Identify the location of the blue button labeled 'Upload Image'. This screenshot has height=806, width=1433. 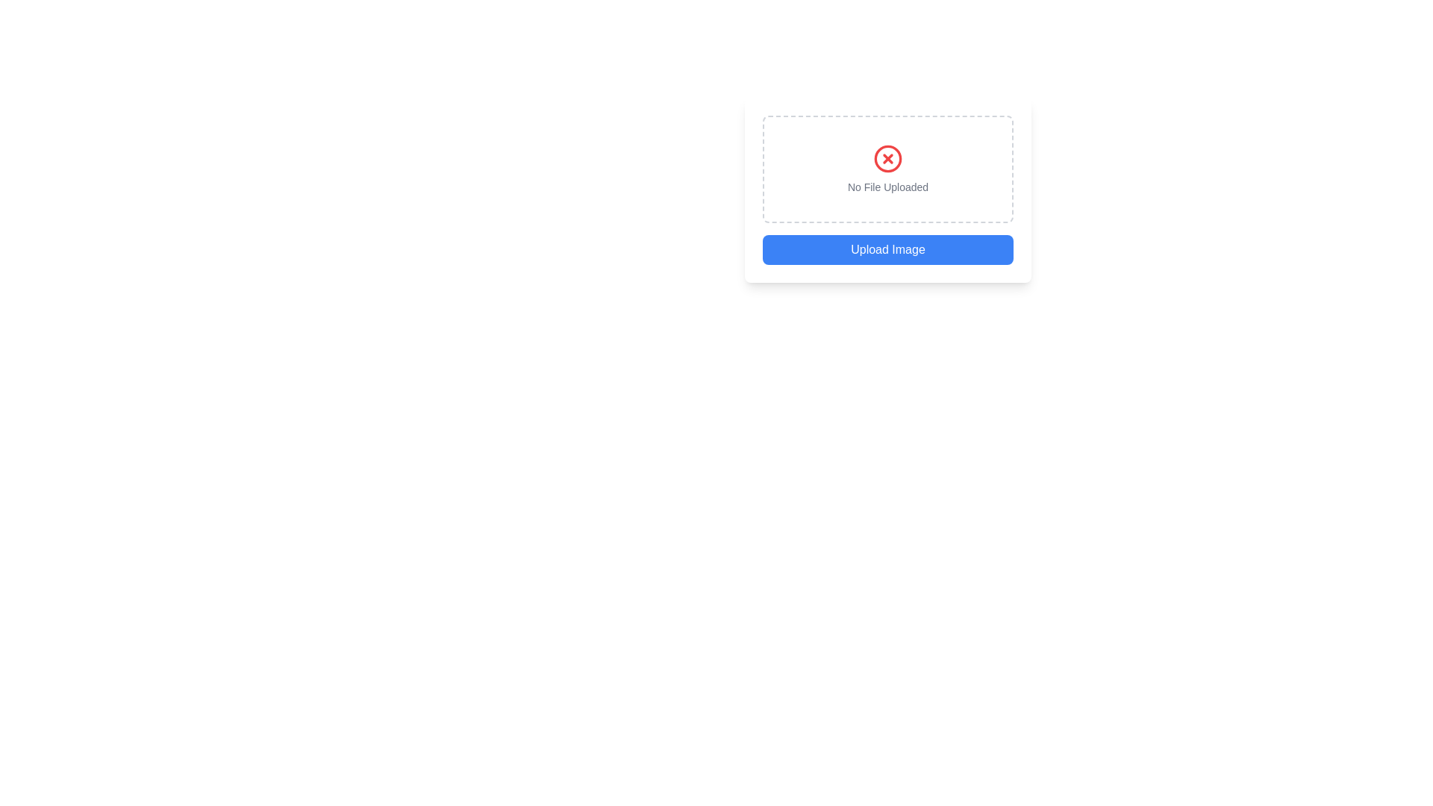
(888, 249).